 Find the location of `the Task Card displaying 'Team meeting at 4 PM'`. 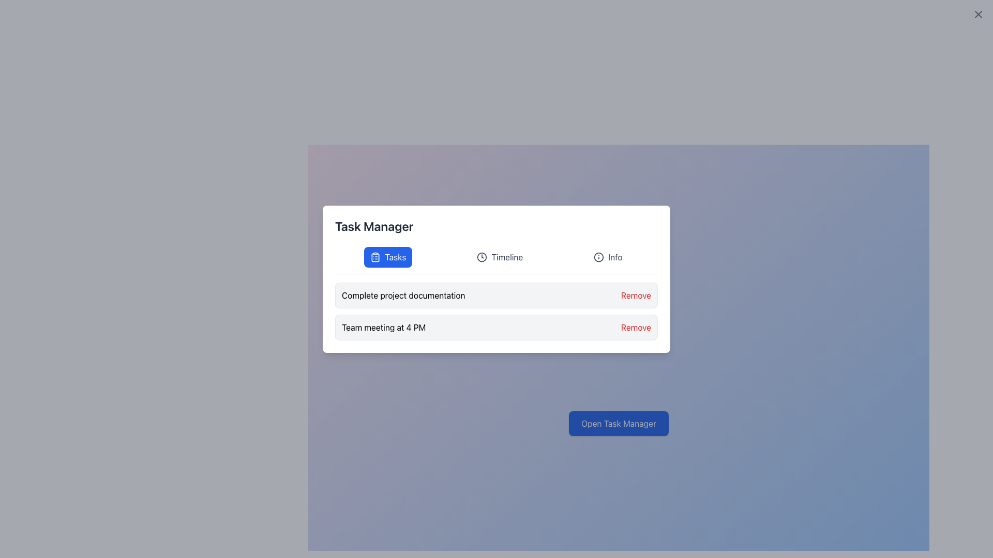

the Task Card displaying 'Team meeting at 4 PM' is located at coordinates (496, 327).